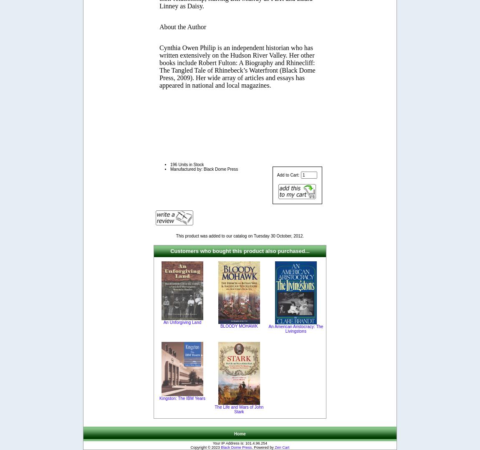  What do you see at coordinates (240, 251) in the screenshot?
I see `'Customers who bought this product also purchased...'` at bounding box center [240, 251].